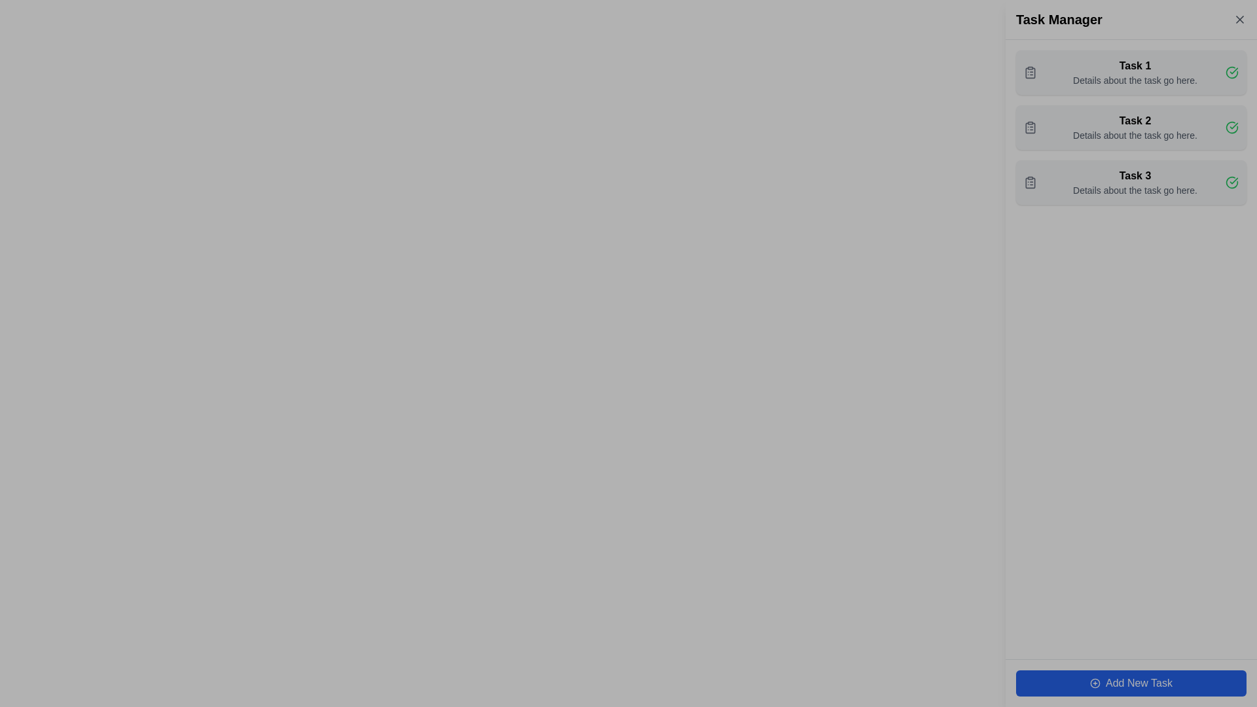 The image size is (1257, 707). What do you see at coordinates (1030, 128) in the screenshot?
I see `clipboard icon element, which is a rectangular SVG graphic with a bold outline and gray color, located below the header of the clipboard` at bounding box center [1030, 128].